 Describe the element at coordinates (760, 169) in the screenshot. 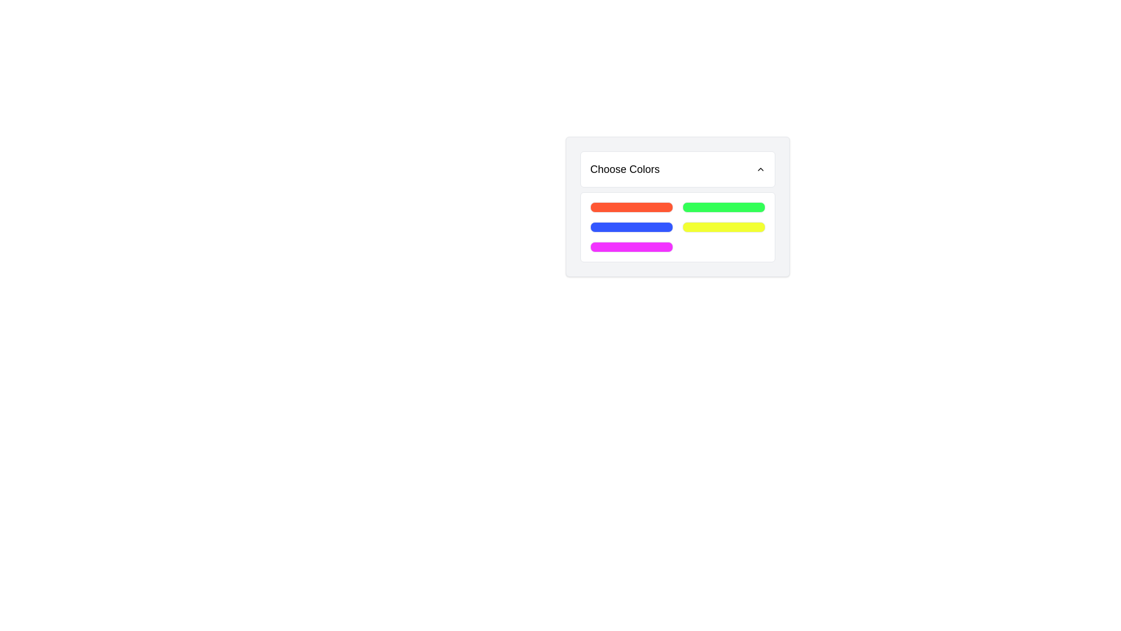

I see `the Chevron Up icon located in the 'Choose Colors' section` at that location.